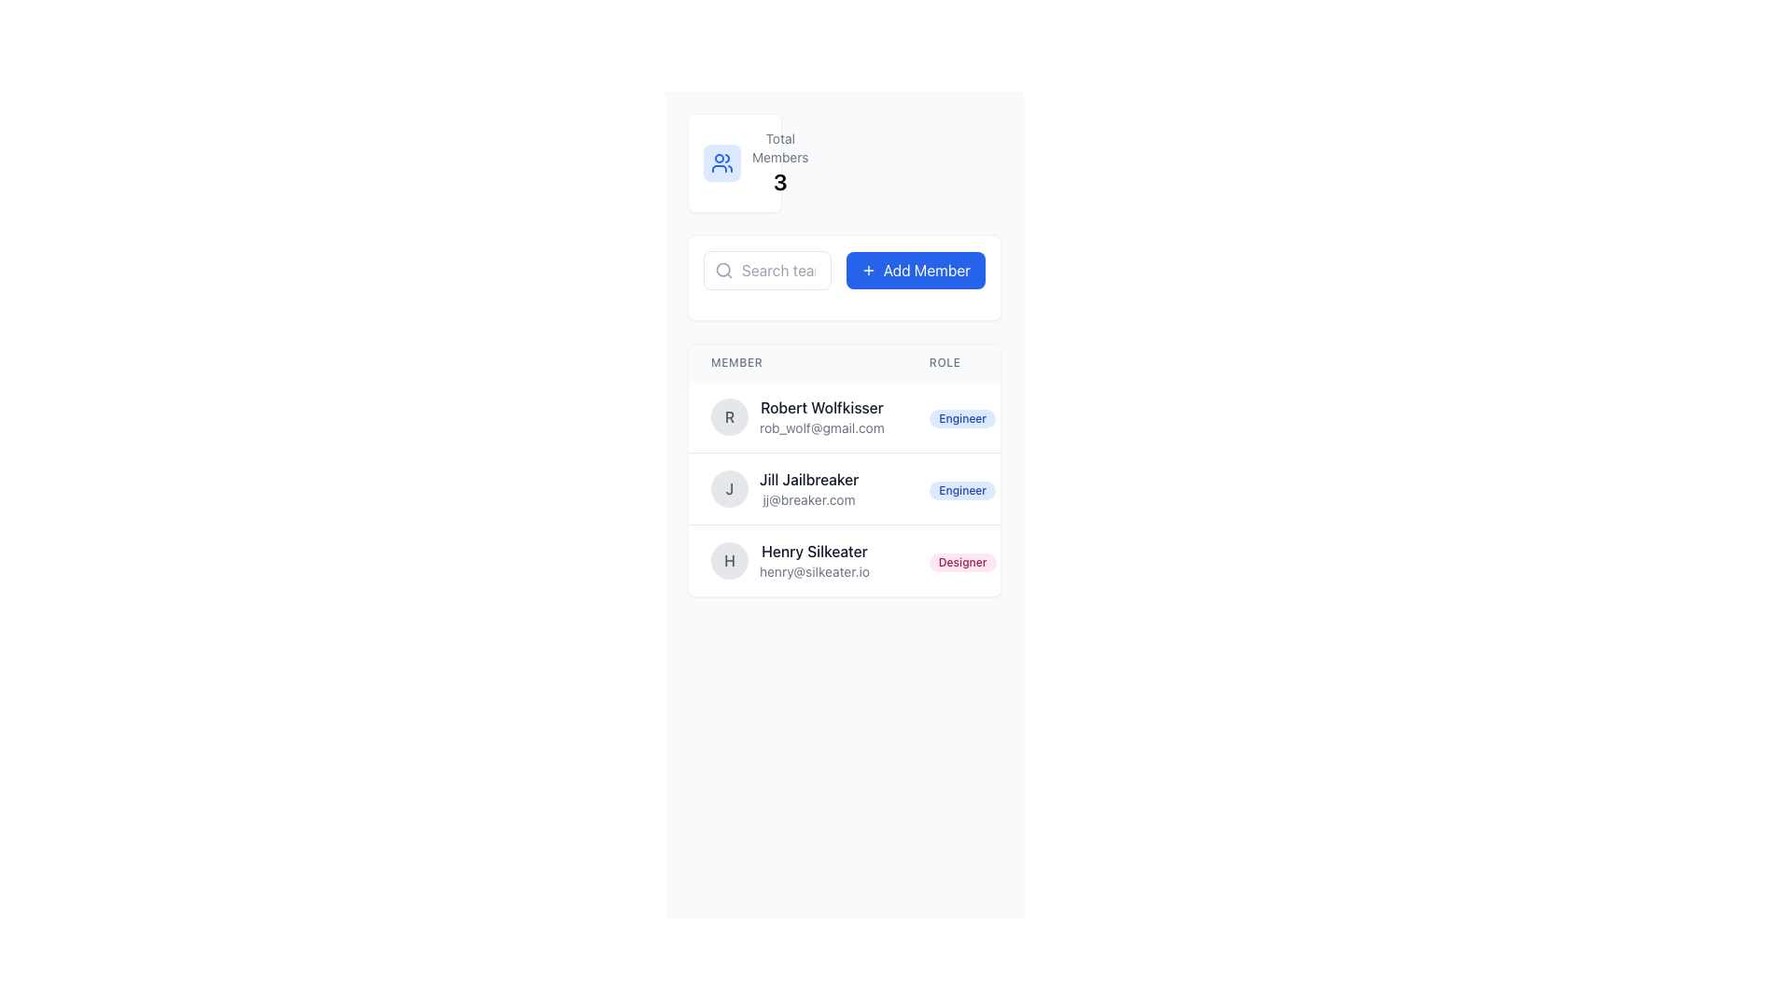 The image size is (1792, 1008). I want to click on the Image Placeholder or Avatar representing the first letter of the user's name, located to the left of 'Henry Silkeater' and 'henry@silkeater.io', which is the third entry in the list, so click(729, 560).